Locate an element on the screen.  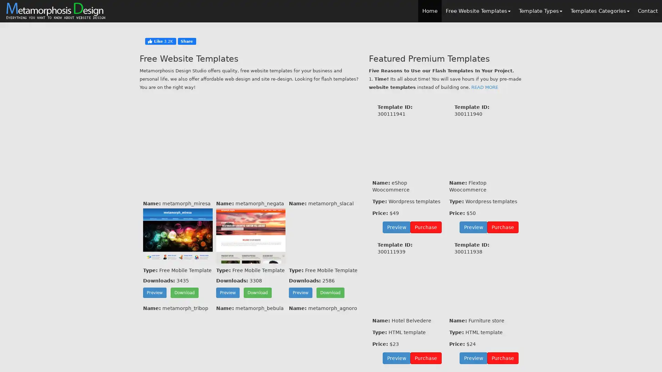
Purchase is located at coordinates (425, 358).